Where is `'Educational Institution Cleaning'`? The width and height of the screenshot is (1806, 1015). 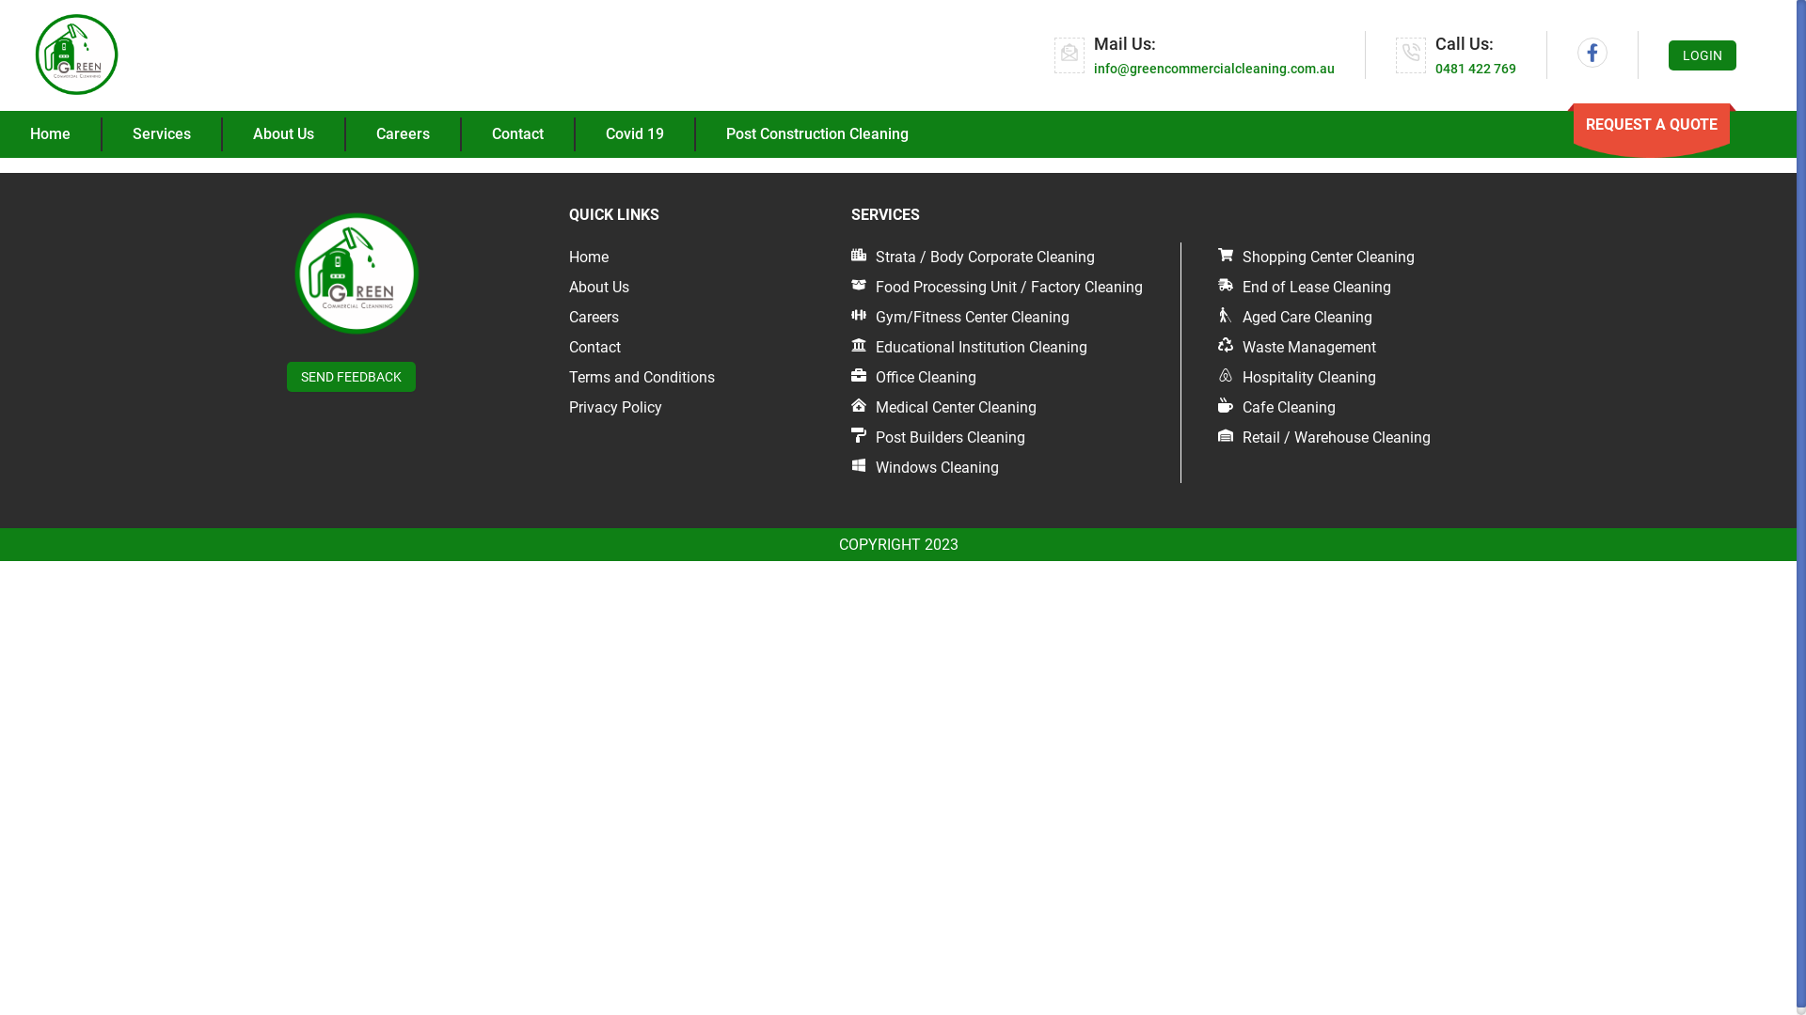 'Educational Institution Cleaning' is located at coordinates (969, 347).